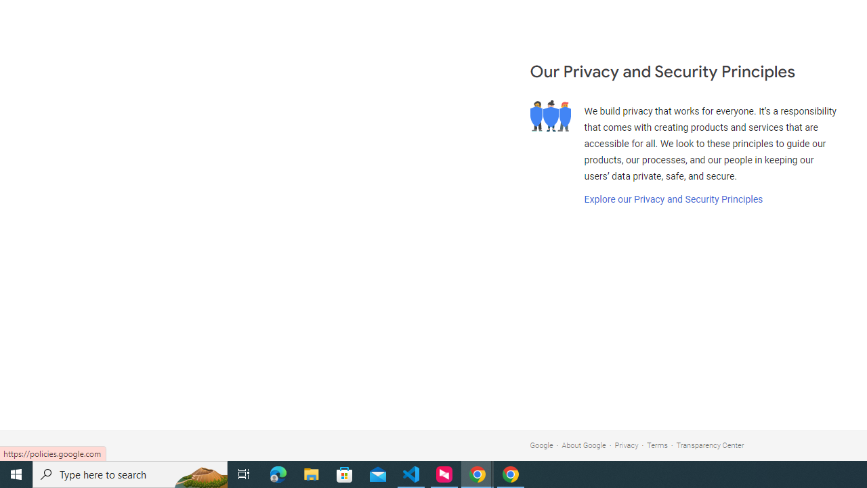  Describe the element at coordinates (626, 445) in the screenshot. I see `'Privacy'` at that location.